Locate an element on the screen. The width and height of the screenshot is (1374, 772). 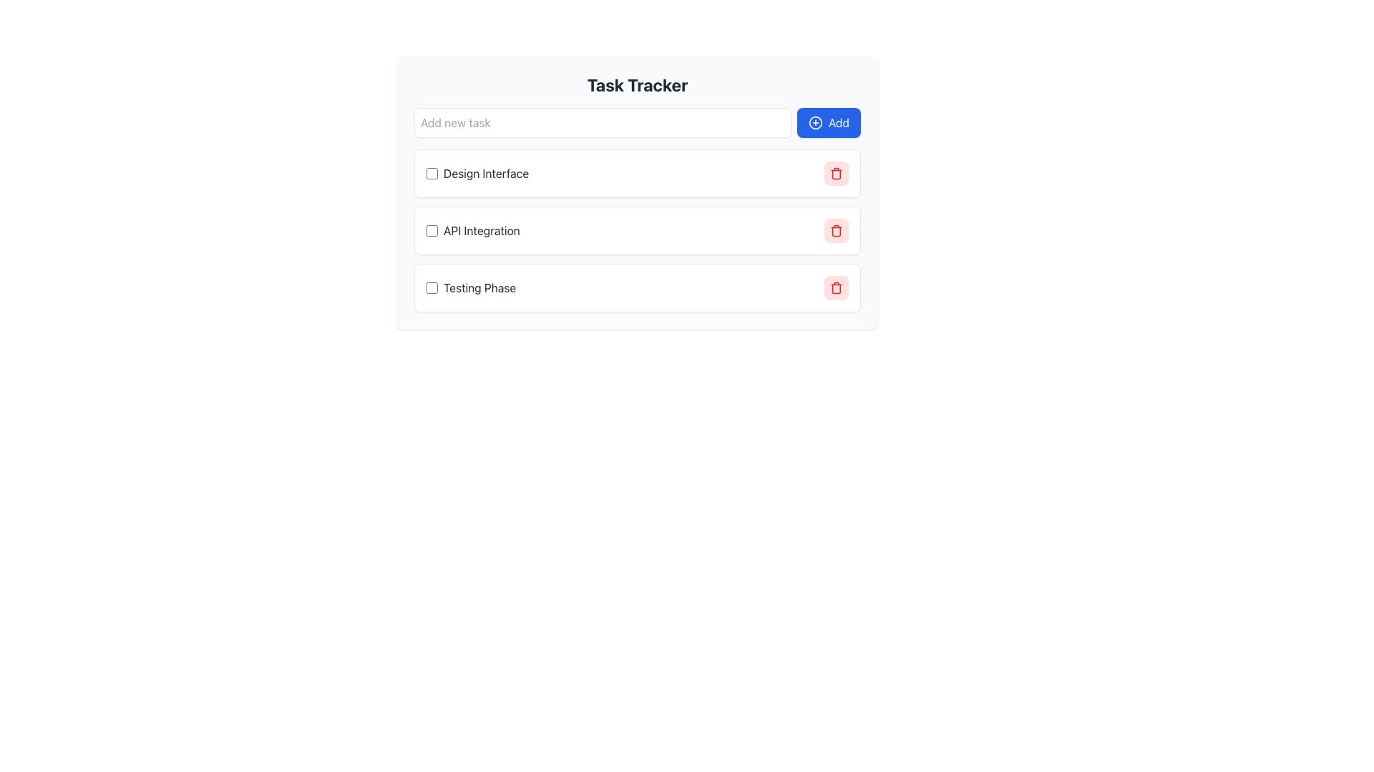
the trash can icon button is located at coordinates (837, 173).